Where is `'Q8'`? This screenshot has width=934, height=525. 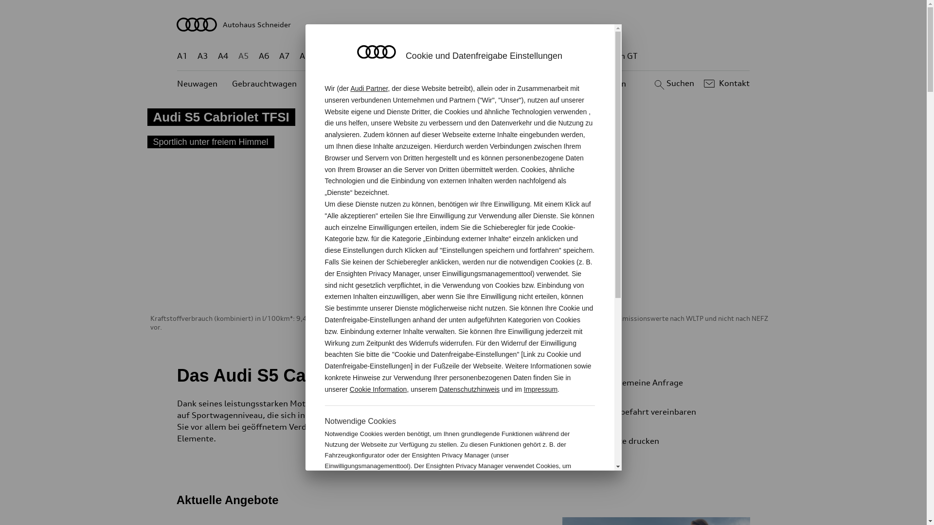
'Q8' is located at coordinates (455, 56).